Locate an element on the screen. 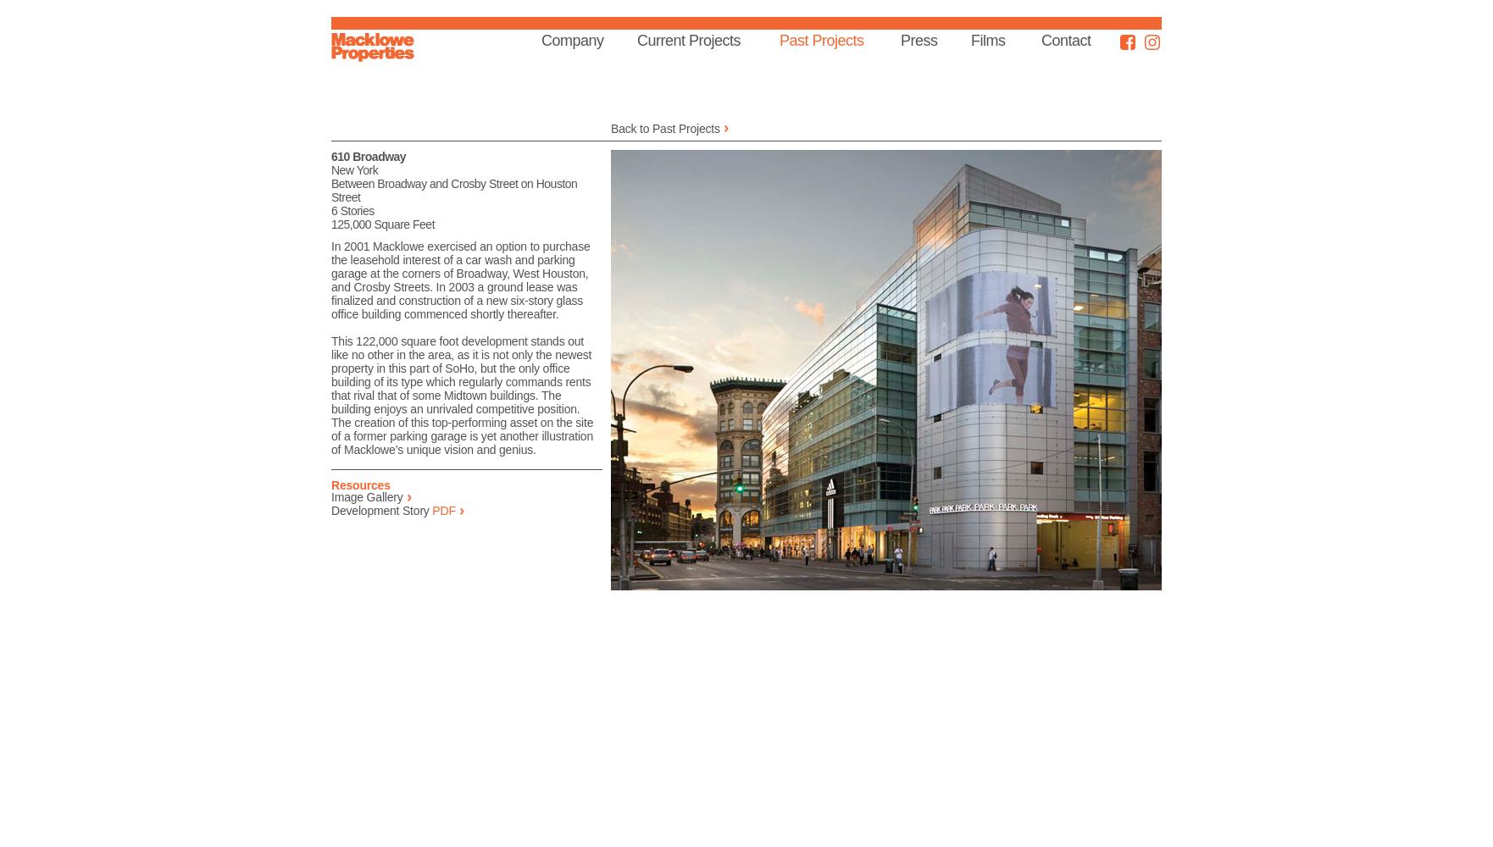 This screenshot has width=1493, height=847. 'Resources' is located at coordinates (360, 484).